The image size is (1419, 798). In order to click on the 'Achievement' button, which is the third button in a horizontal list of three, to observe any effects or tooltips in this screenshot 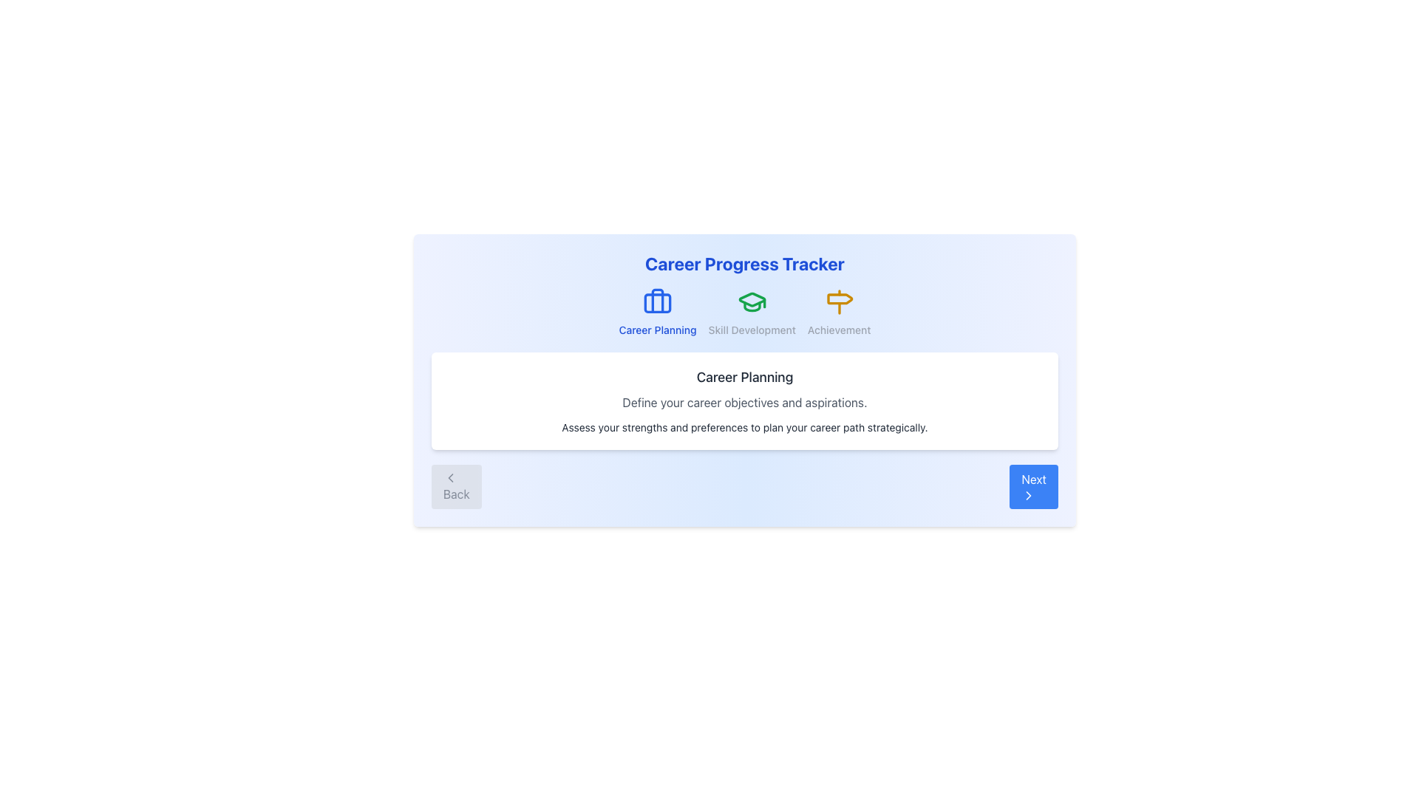, I will do `click(839, 312)`.